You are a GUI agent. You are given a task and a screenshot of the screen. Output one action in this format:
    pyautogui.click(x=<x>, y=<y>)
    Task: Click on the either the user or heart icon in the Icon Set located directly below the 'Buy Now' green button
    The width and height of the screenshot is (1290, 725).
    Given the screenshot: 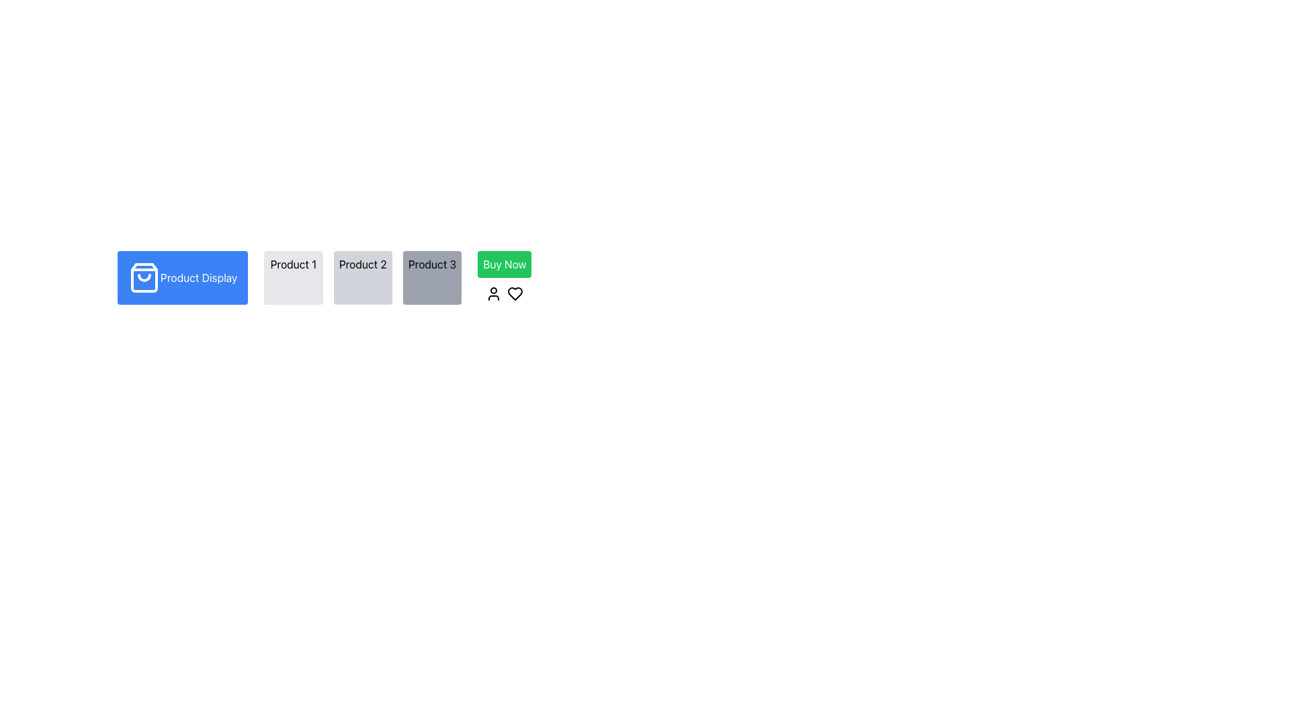 What is the action you would take?
    pyautogui.click(x=504, y=293)
    